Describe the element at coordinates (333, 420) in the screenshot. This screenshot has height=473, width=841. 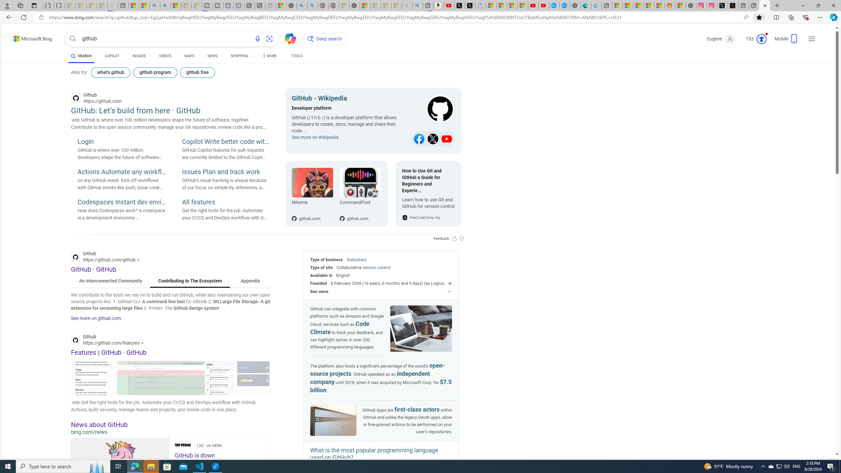
I see `'Image of GitHub'` at that location.